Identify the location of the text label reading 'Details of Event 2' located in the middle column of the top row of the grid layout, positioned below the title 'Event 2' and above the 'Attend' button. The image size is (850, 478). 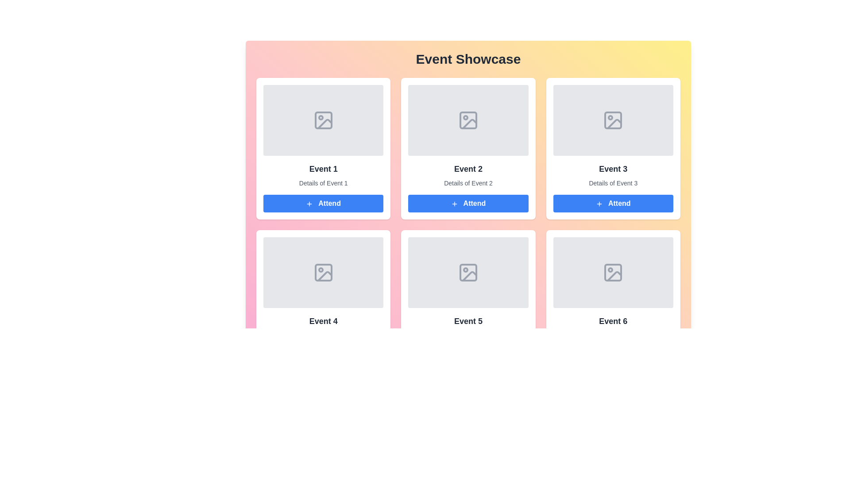
(467, 182).